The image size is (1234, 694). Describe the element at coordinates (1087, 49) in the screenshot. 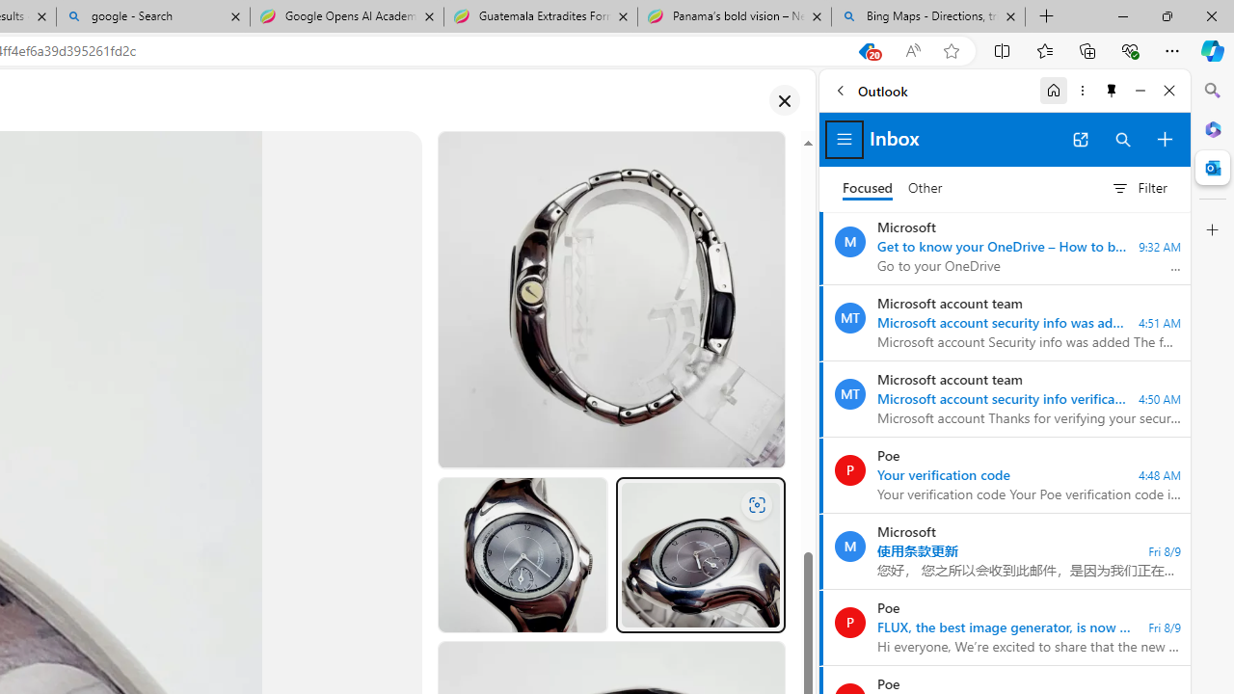

I see `'Collections'` at that location.